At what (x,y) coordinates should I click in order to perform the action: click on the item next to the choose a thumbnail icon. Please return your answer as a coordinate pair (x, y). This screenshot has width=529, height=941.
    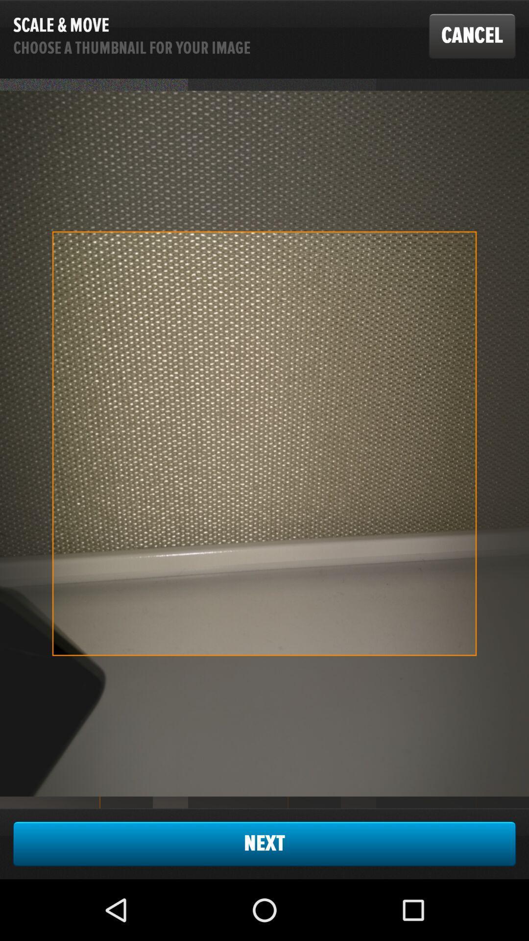
    Looking at the image, I should click on (472, 36).